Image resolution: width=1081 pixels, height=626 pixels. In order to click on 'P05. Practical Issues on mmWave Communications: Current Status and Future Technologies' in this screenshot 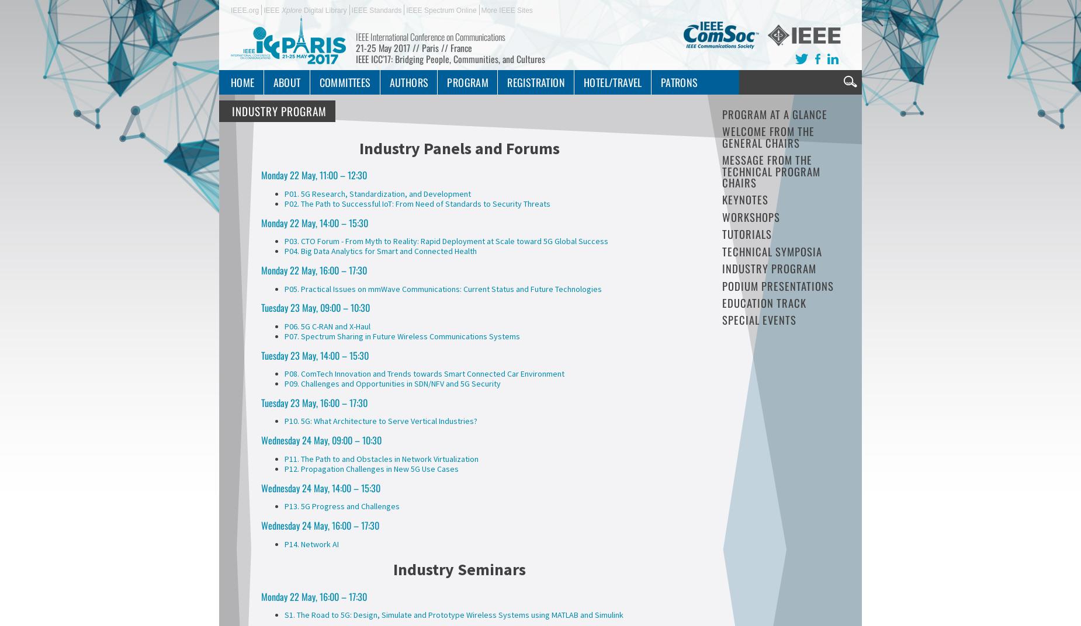, I will do `click(443, 288)`.